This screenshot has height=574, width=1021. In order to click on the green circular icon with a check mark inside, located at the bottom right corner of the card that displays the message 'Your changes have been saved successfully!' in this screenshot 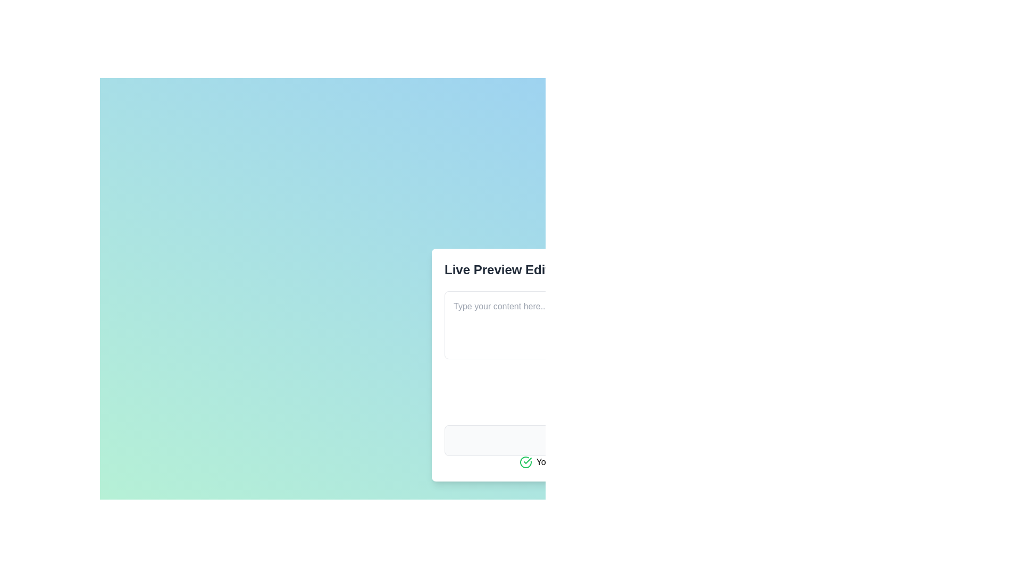, I will do `click(525, 462)`.